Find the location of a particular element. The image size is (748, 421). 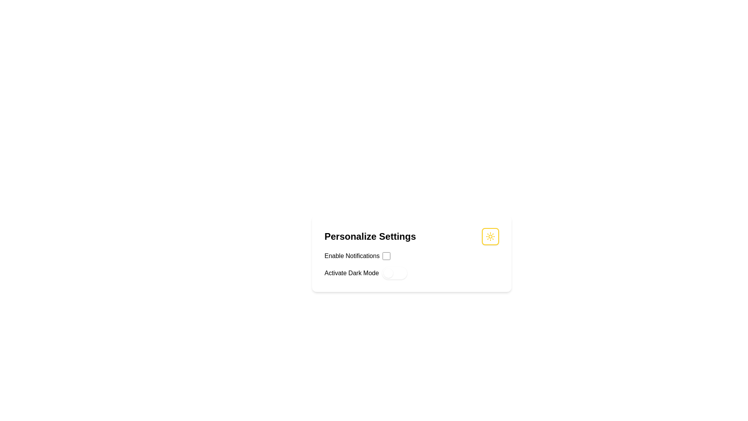

the toggle is located at coordinates (398, 273).